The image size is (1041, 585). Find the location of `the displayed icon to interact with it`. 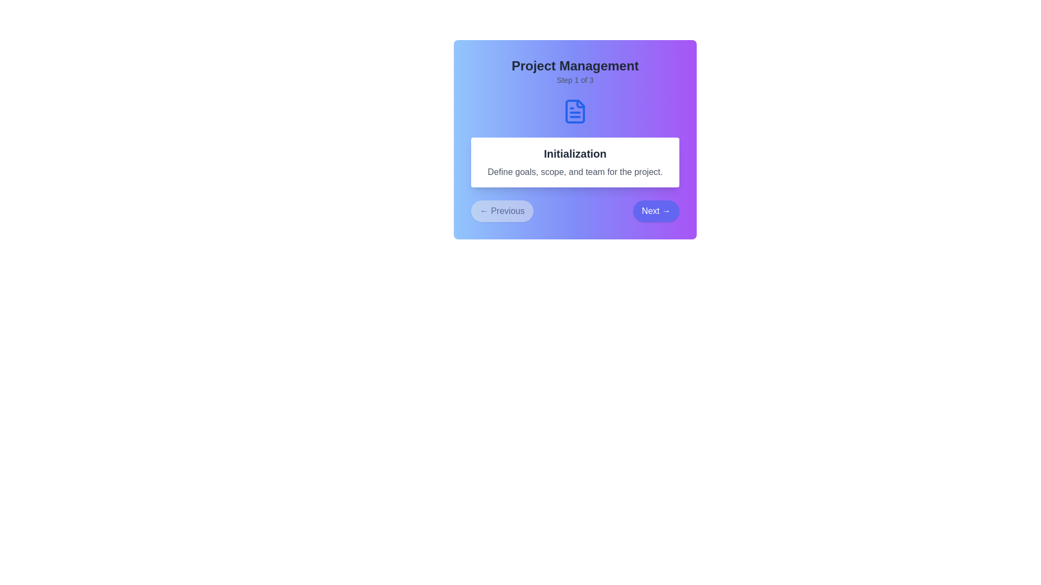

the displayed icon to interact with it is located at coordinates (574, 111).